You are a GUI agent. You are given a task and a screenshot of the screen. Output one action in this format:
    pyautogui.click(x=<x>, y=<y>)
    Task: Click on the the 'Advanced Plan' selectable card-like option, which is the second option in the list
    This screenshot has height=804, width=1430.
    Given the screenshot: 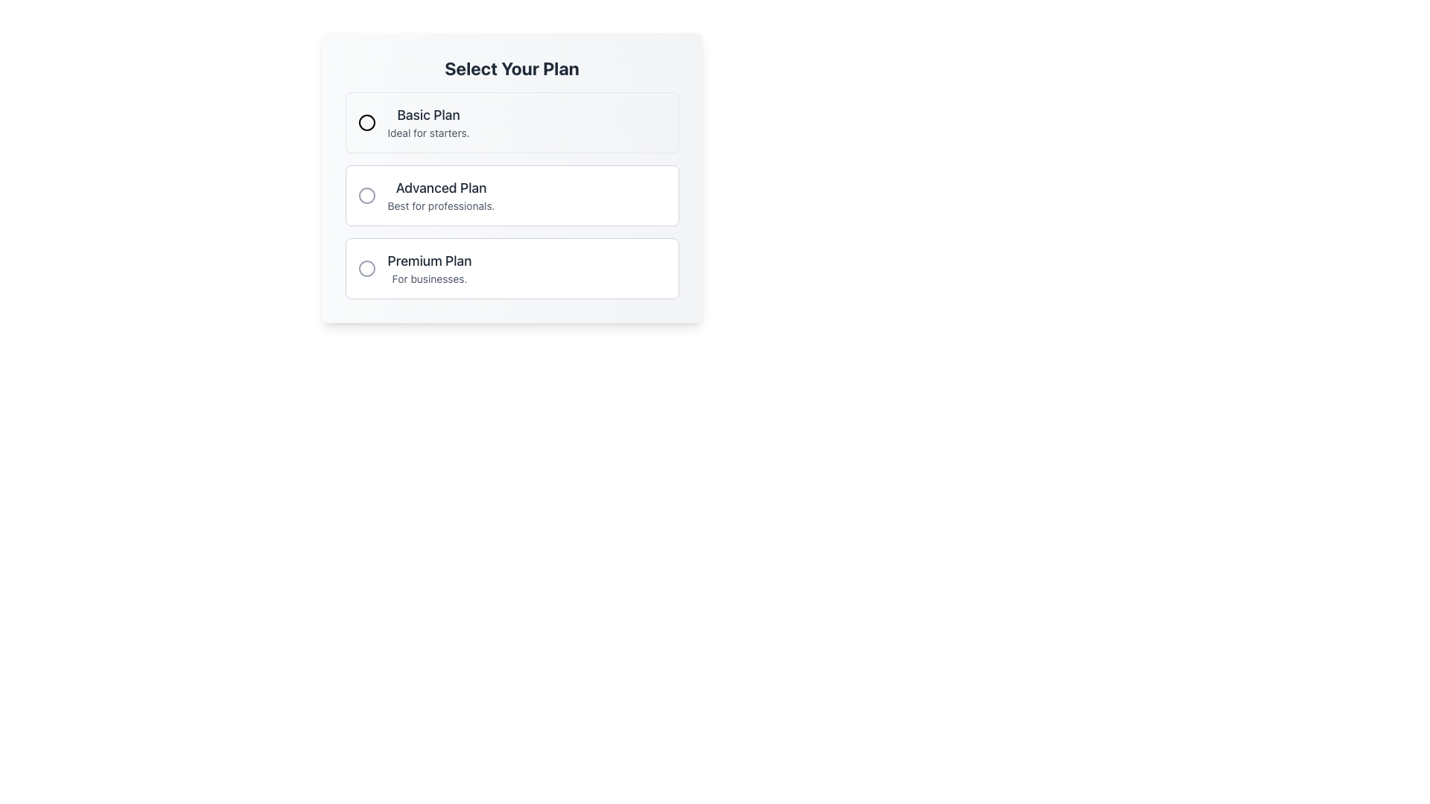 What is the action you would take?
    pyautogui.click(x=512, y=194)
    